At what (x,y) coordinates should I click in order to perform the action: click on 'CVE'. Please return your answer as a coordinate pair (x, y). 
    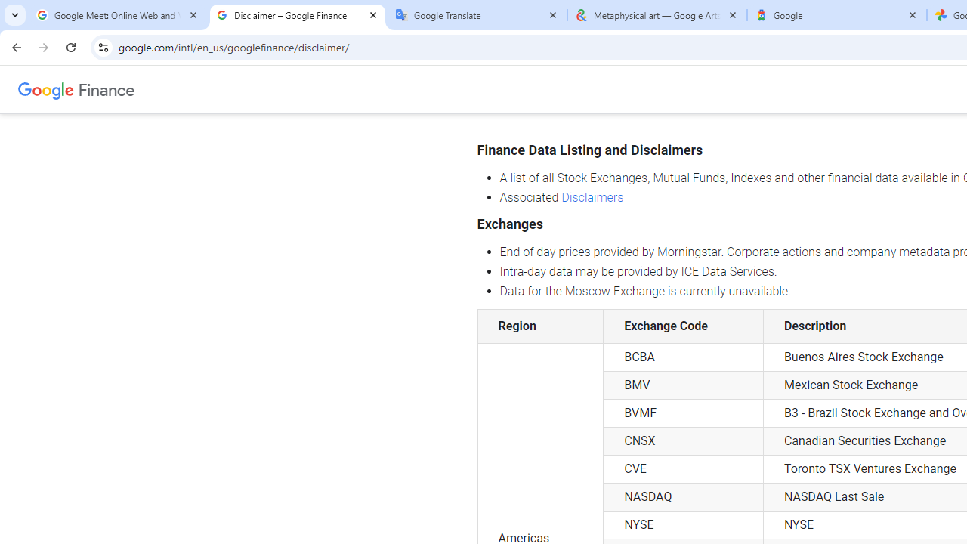
    Looking at the image, I should click on (682, 468).